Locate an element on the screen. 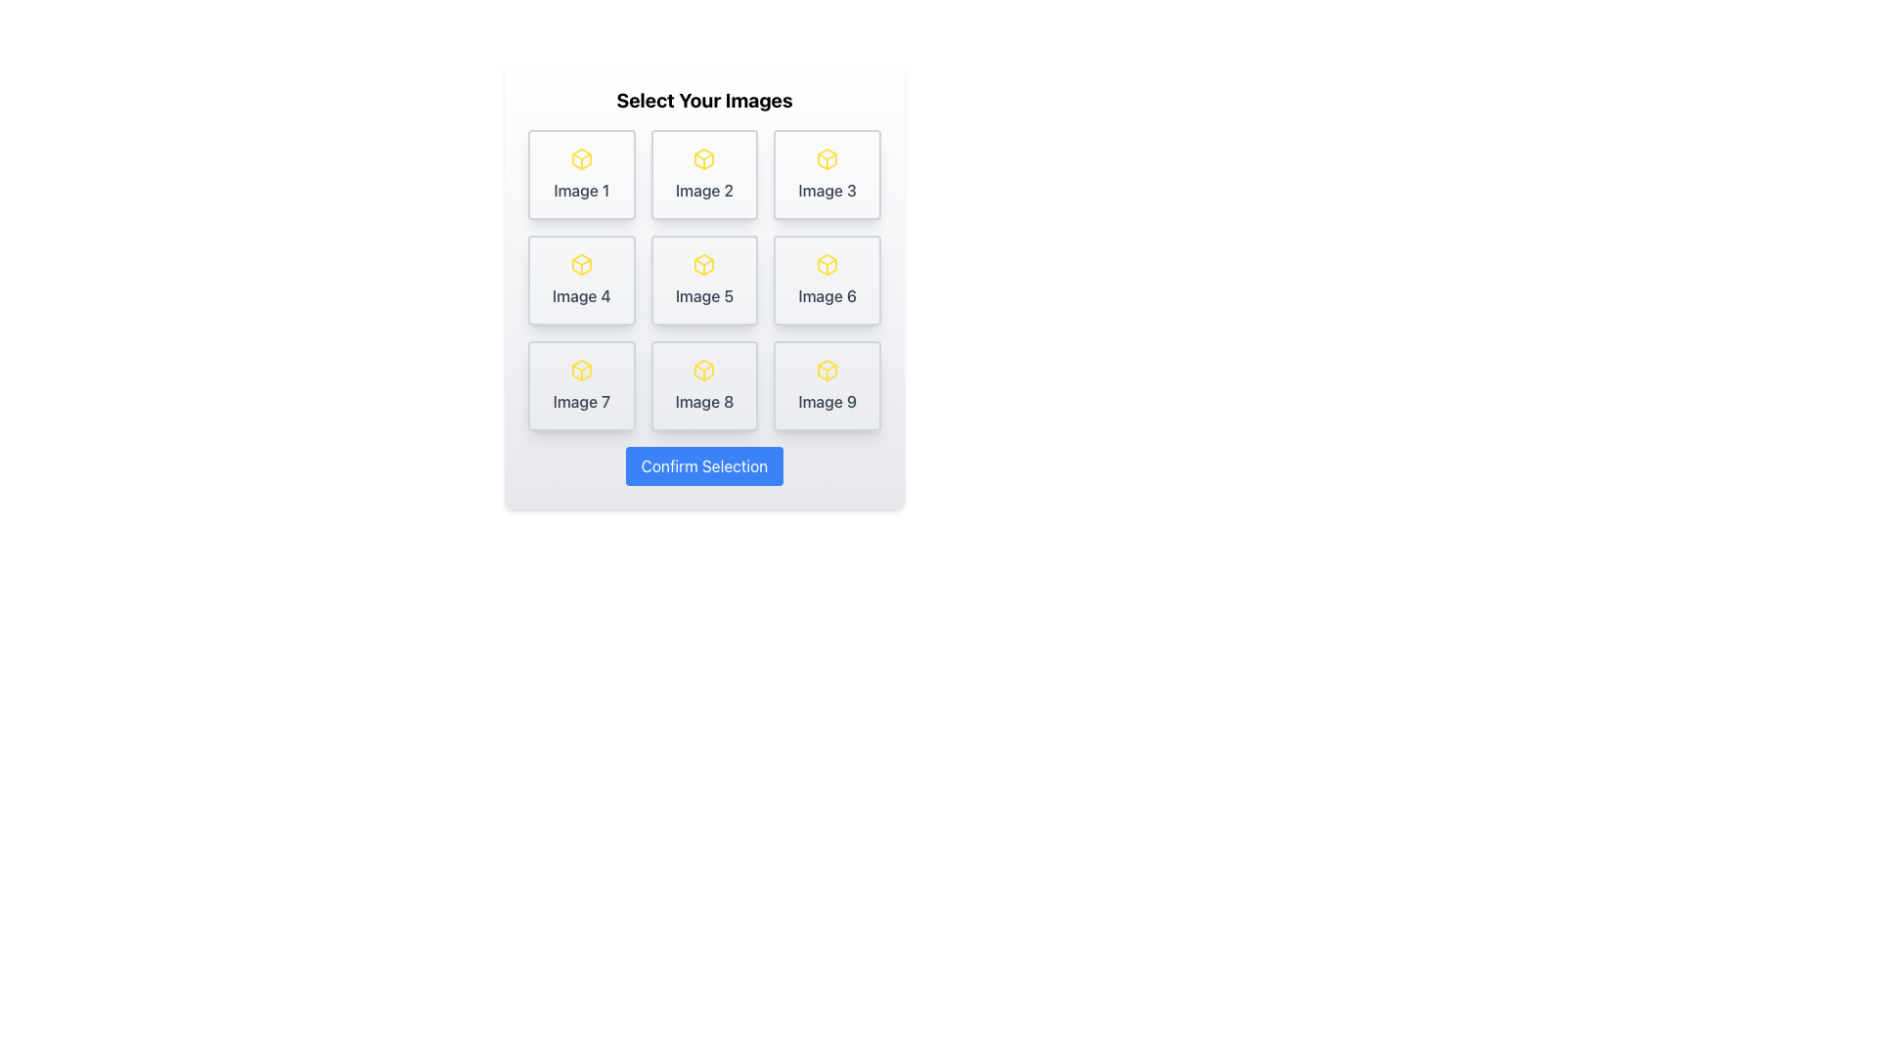 The image size is (1878, 1056). the first button-like card in the grid labeled 'Image 1' is located at coordinates (580, 173).